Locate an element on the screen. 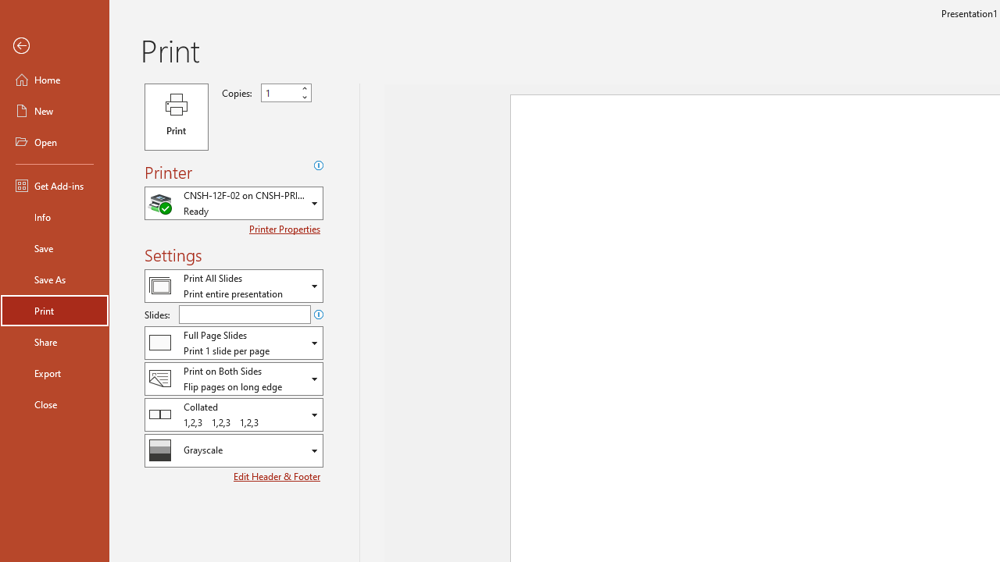 The width and height of the screenshot is (1000, 562). 'Printer Properties' is located at coordinates (286, 229).